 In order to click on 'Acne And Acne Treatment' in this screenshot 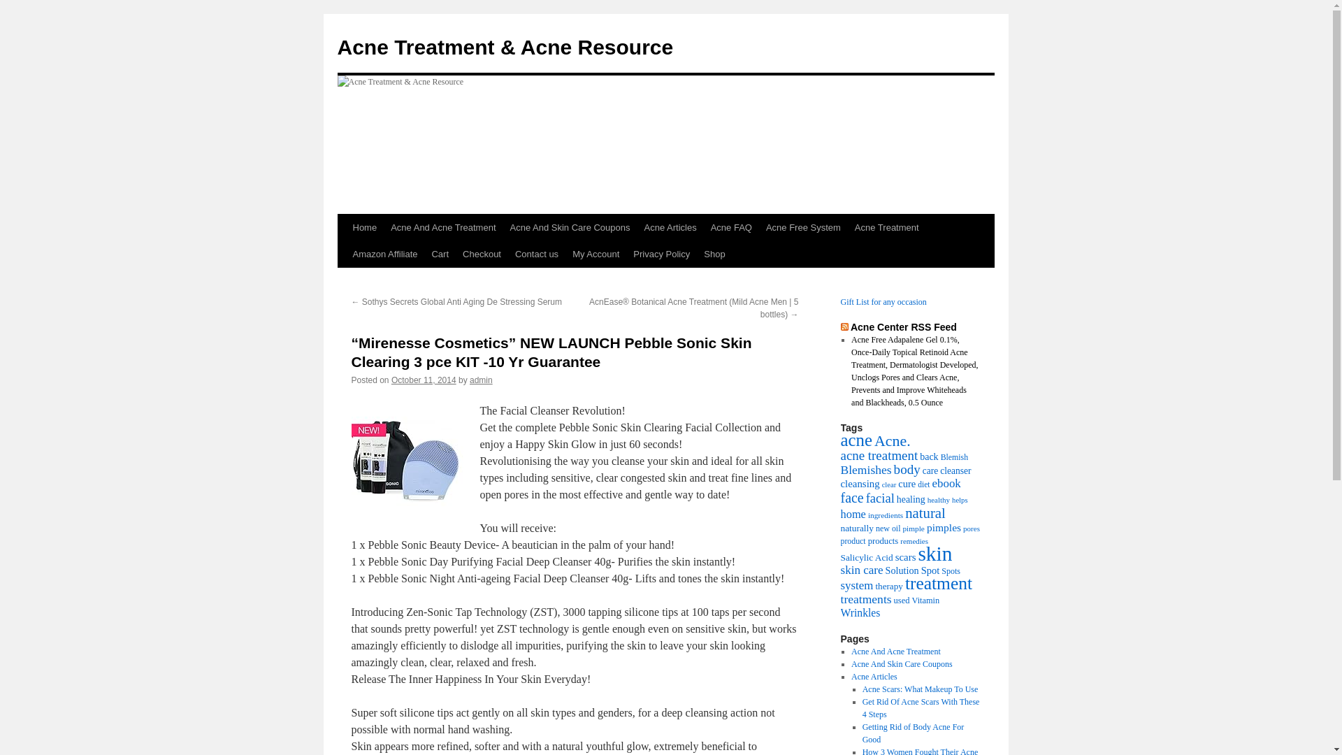, I will do `click(383, 227)`.